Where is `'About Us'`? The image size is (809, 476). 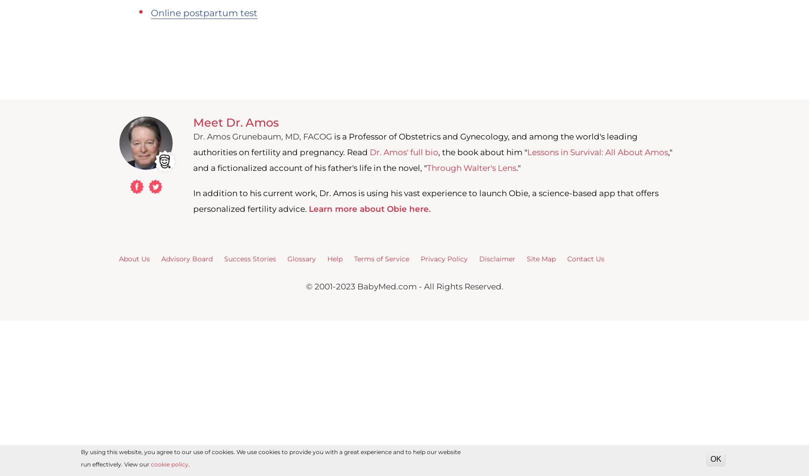
'About Us' is located at coordinates (134, 258).